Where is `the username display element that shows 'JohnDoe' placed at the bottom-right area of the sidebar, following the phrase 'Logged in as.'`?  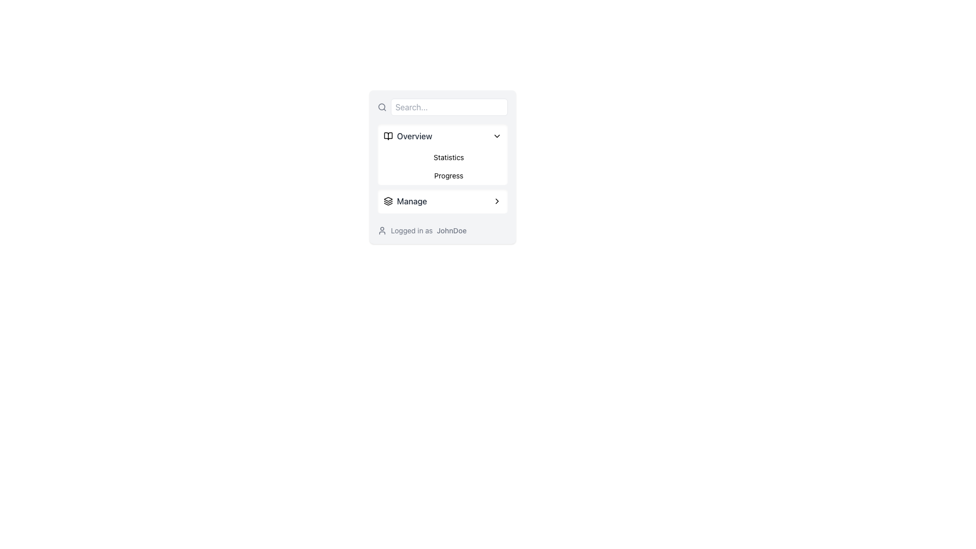
the username display element that shows 'JohnDoe' placed at the bottom-right area of the sidebar, following the phrase 'Logged in as.' is located at coordinates (451, 231).